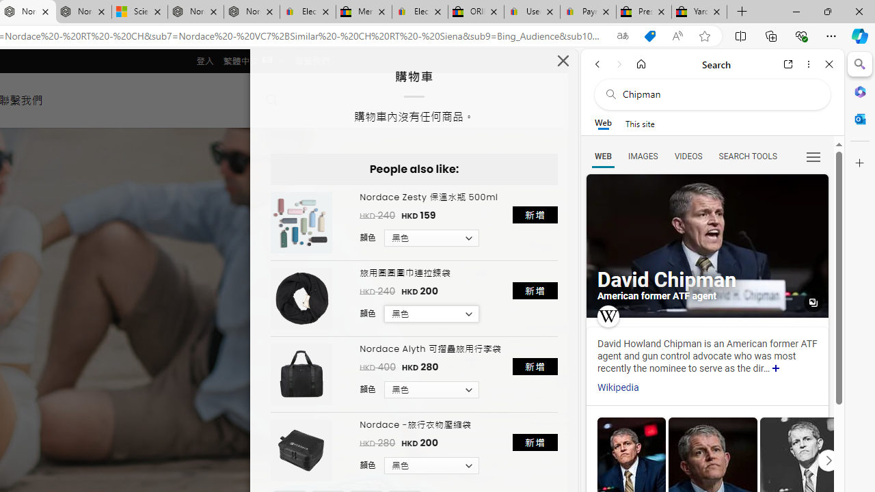 This screenshot has height=492, width=875. I want to click on 'SEARCH TOOLS', so click(746, 155).